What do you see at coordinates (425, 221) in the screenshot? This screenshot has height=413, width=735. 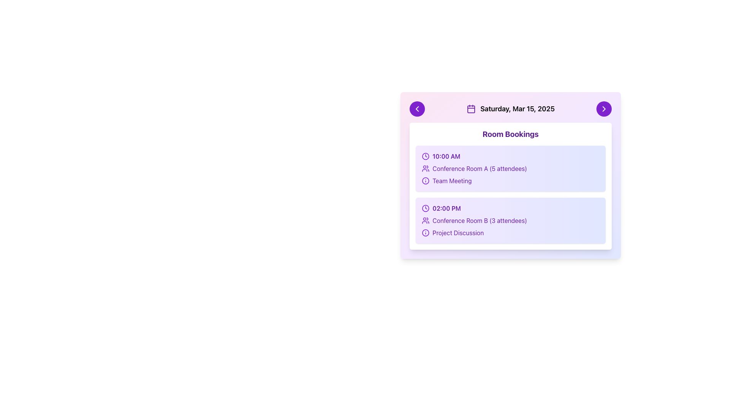 I see `the icon representing multiple users, styled with a purple stroke, located to the left of the text 'Conference Room B (3 attendees)'` at bounding box center [425, 221].